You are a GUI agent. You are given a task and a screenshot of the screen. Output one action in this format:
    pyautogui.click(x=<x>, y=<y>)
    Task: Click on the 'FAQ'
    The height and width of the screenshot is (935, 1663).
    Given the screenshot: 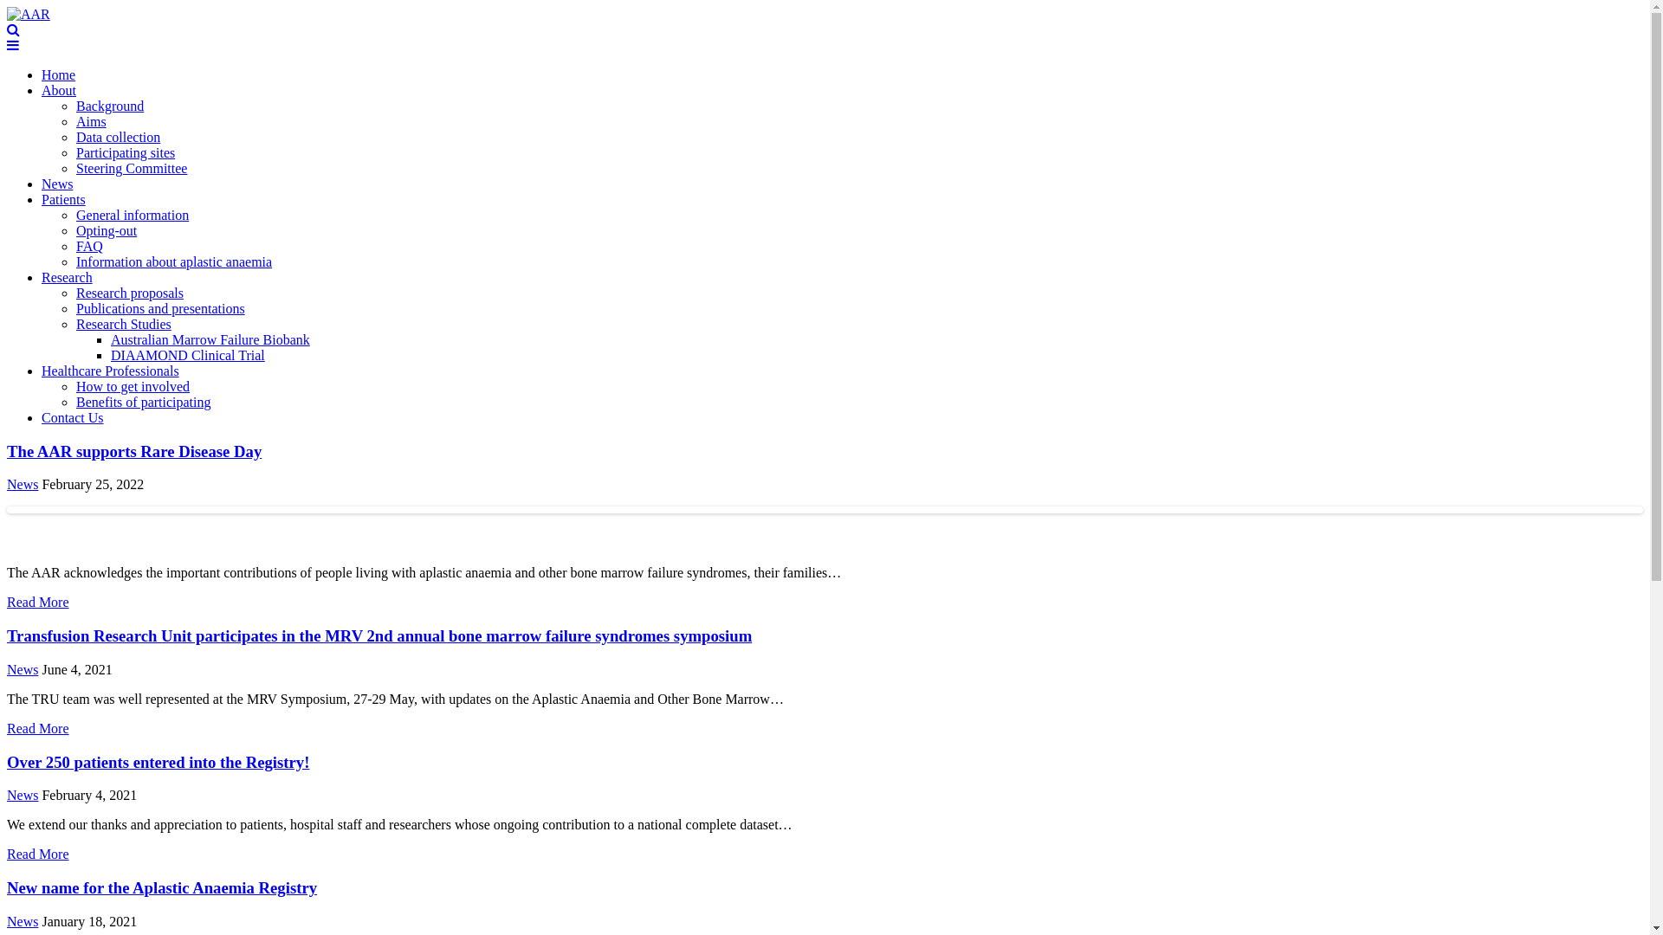 What is the action you would take?
    pyautogui.click(x=88, y=246)
    